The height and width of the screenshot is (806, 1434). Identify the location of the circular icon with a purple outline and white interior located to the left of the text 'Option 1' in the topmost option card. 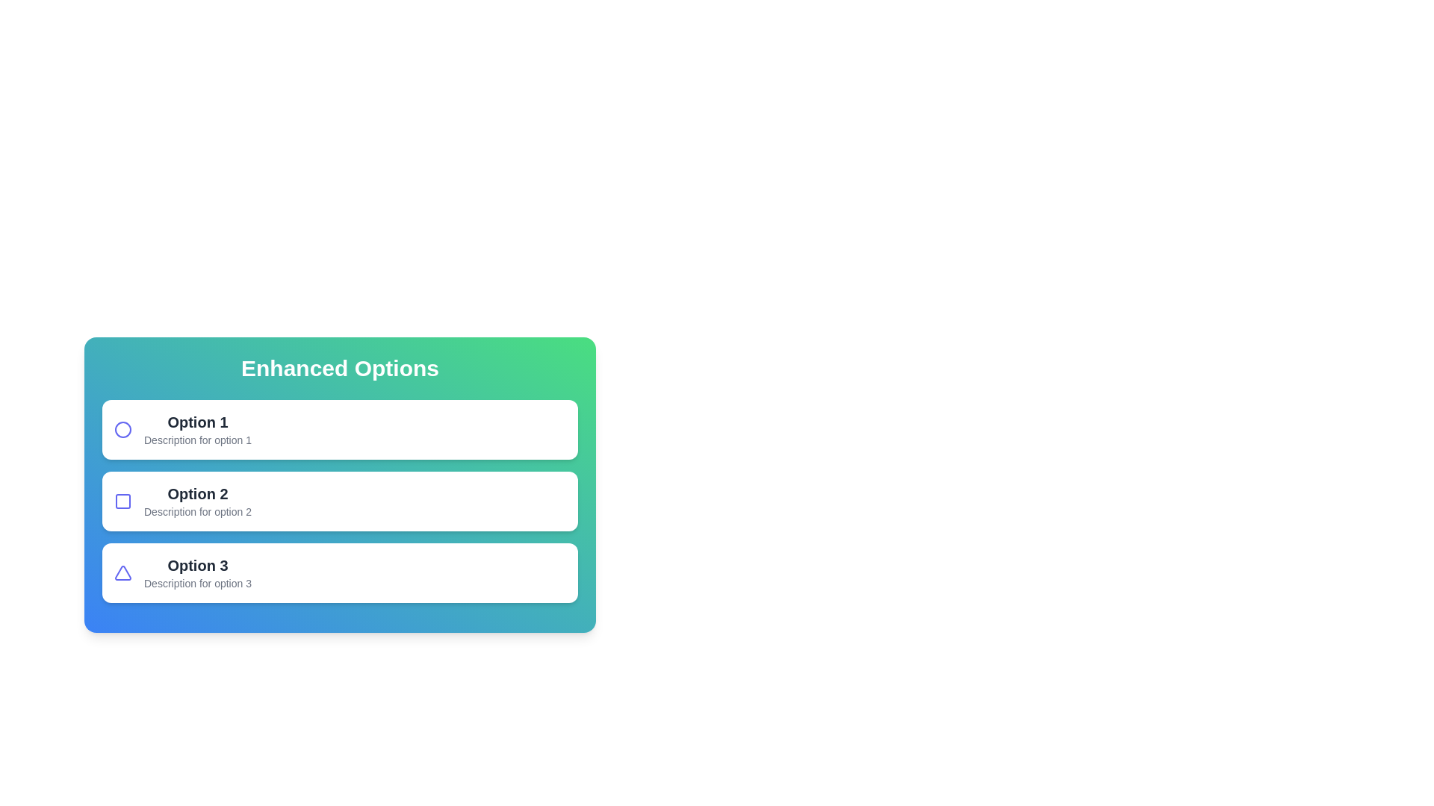
(122, 429).